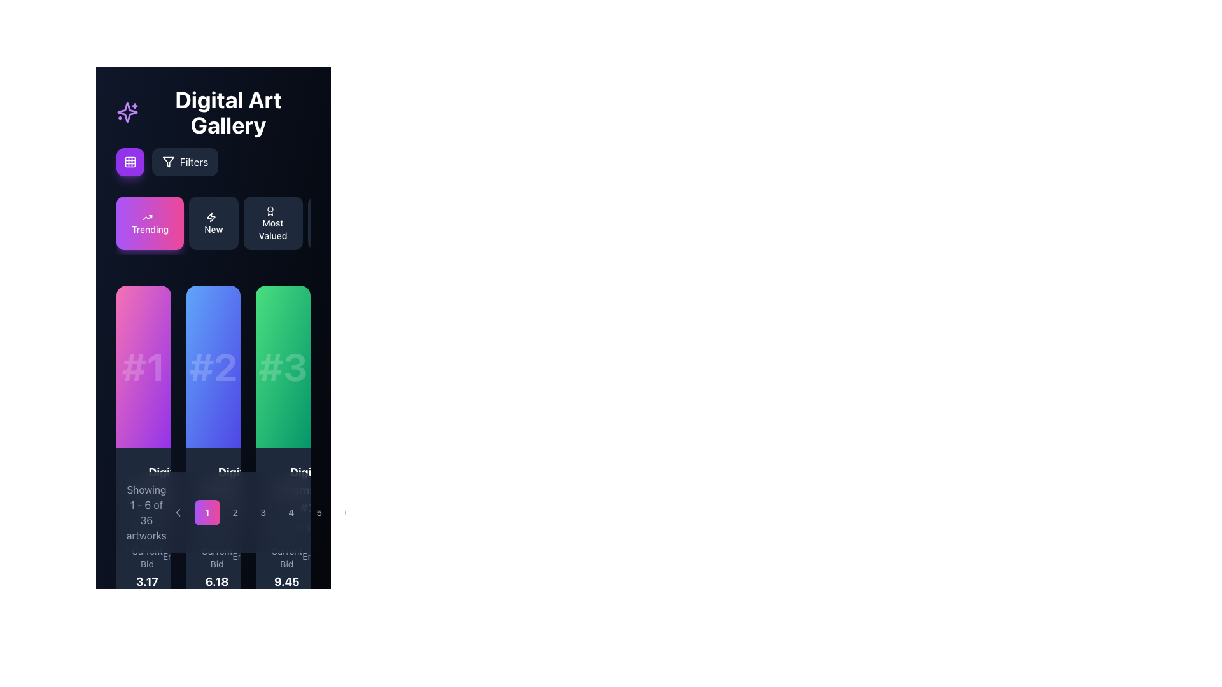 Image resolution: width=1222 pixels, height=687 pixels. What do you see at coordinates (286, 591) in the screenshot?
I see `the static text label displaying the current bid value located at the bottom-right corner of the item's section in the auction interface` at bounding box center [286, 591].